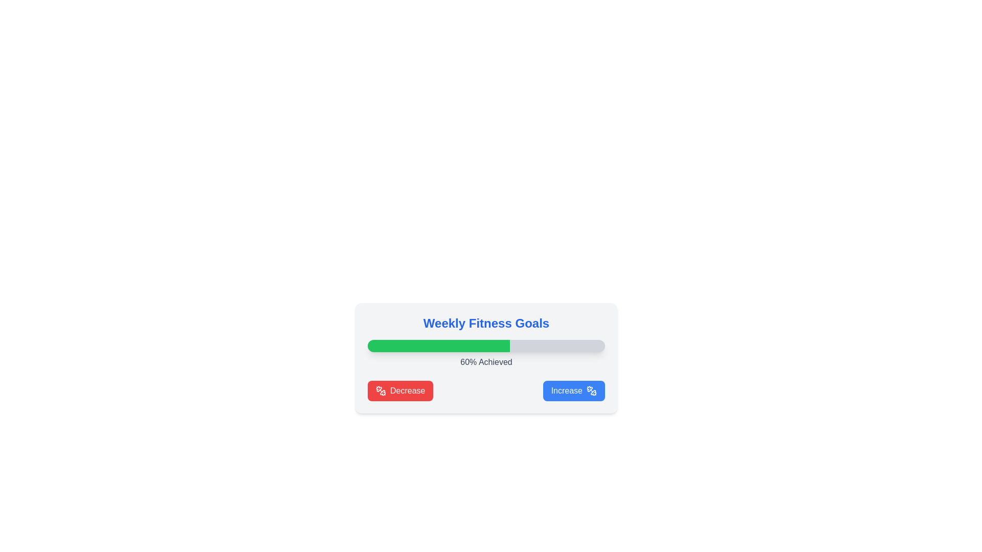 This screenshot has width=982, height=552. I want to click on the text label that serves as a header for the weekly fitness goals panel, which is located above the progress bar displaying '60% Achieved', so click(485, 323).